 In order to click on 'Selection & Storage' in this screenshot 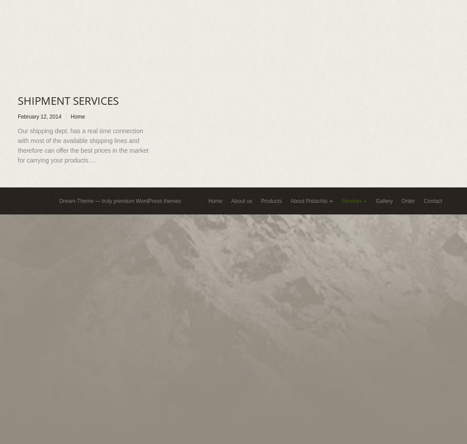, I will do `click(350, 153)`.